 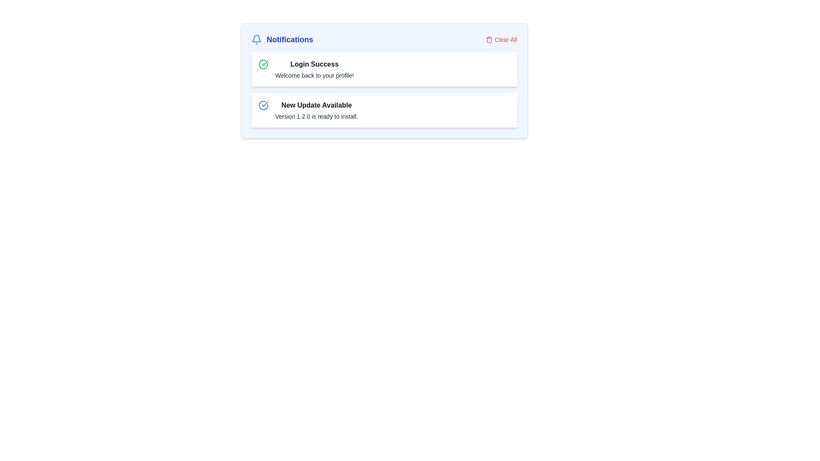 What do you see at coordinates (256, 39) in the screenshot?
I see `the blue notification bell icon located on the far left of the 'Notifications' title in the notification header section` at bounding box center [256, 39].